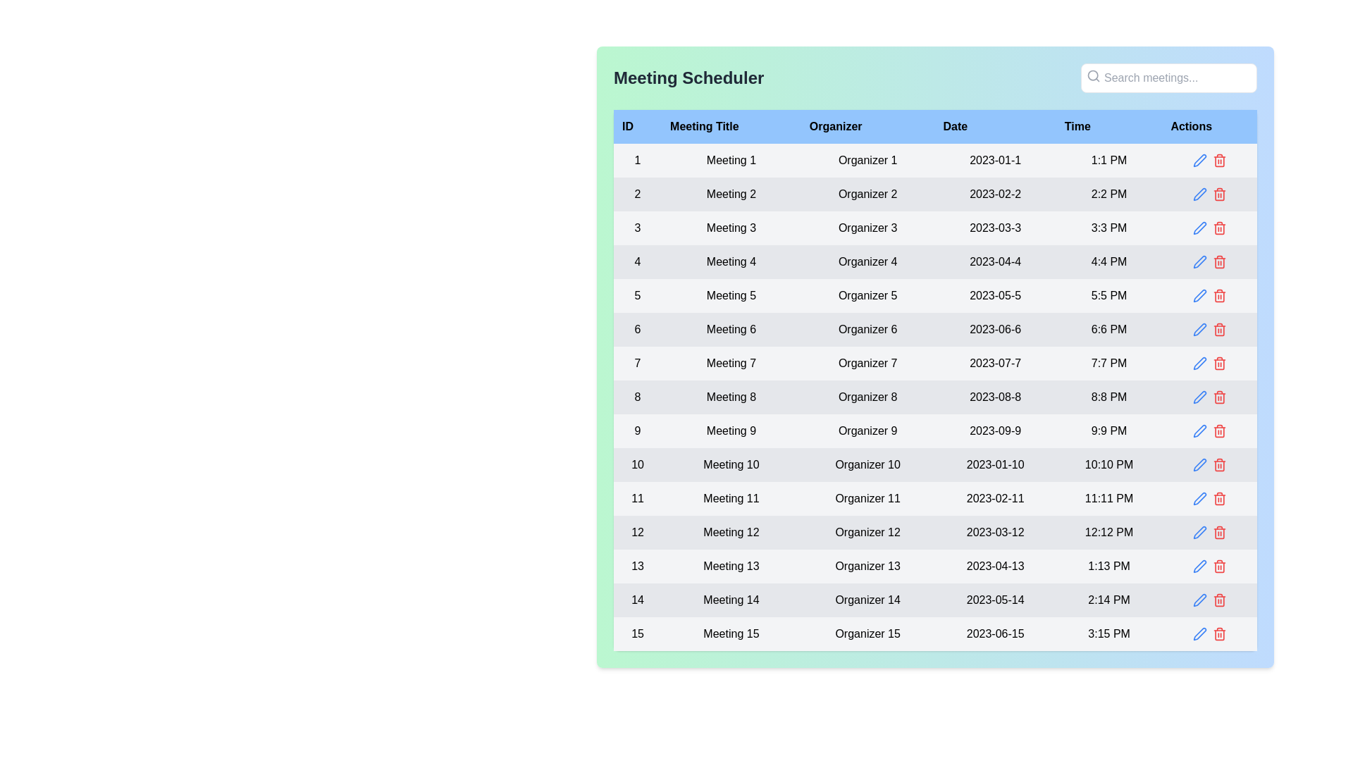 The width and height of the screenshot is (1353, 761). Describe the element at coordinates (994, 600) in the screenshot. I see `date displayed in the 'Date' column of the 14th row, which corresponds to 'Meeting 14' and 'Organizer 14'` at that location.